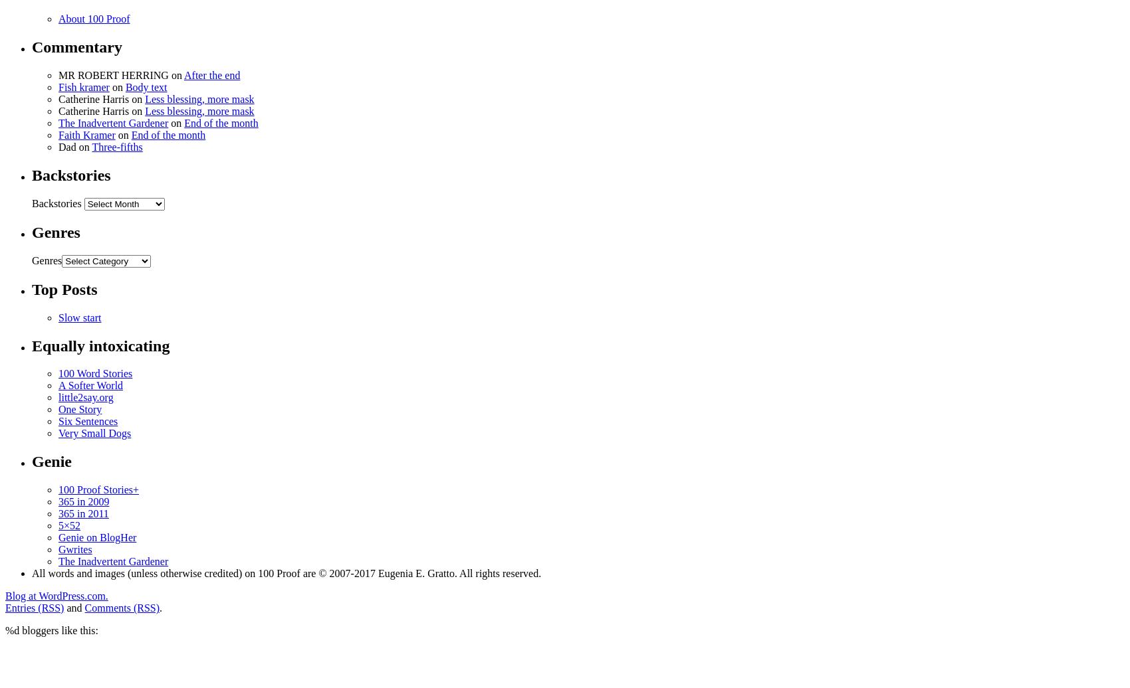 The image size is (1130, 688). I want to click on '5×52', so click(69, 525).